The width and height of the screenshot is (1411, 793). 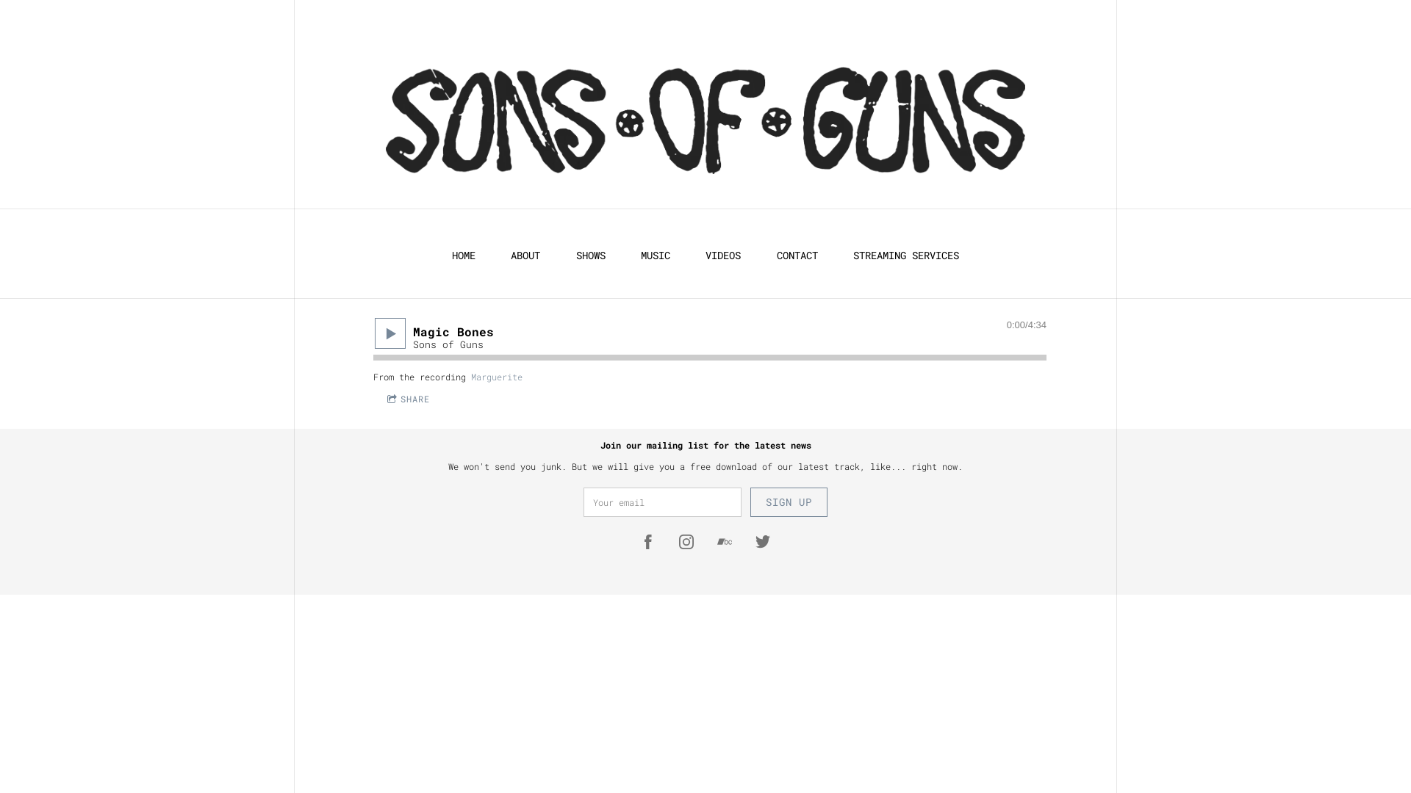 I want to click on 'MUSIC', so click(x=655, y=254).